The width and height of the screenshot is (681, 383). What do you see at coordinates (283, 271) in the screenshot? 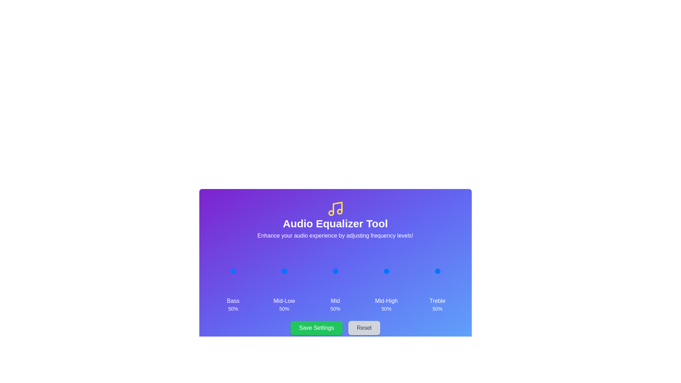
I see `the 1 slider to 47%` at bounding box center [283, 271].